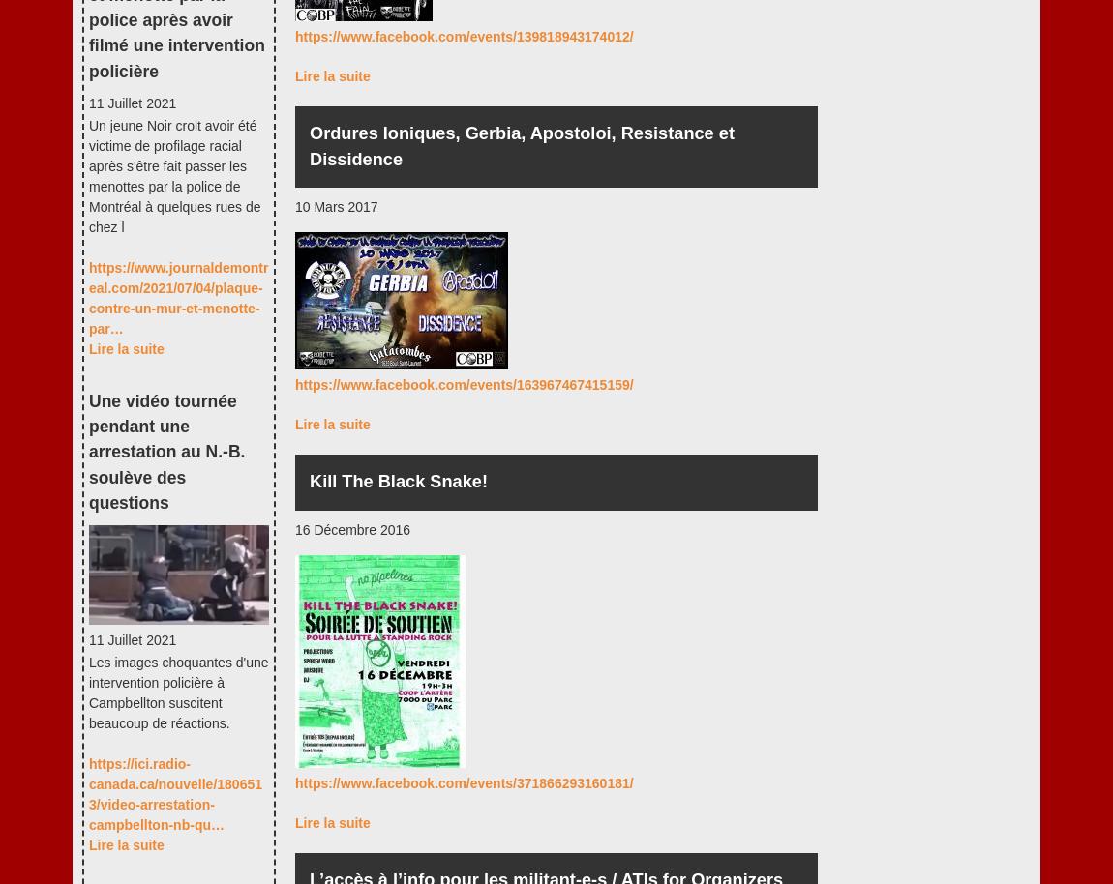 The width and height of the screenshot is (1113, 884). What do you see at coordinates (336, 206) in the screenshot?
I see `'10 Mars 2017'` at bounding box center [336, 206].